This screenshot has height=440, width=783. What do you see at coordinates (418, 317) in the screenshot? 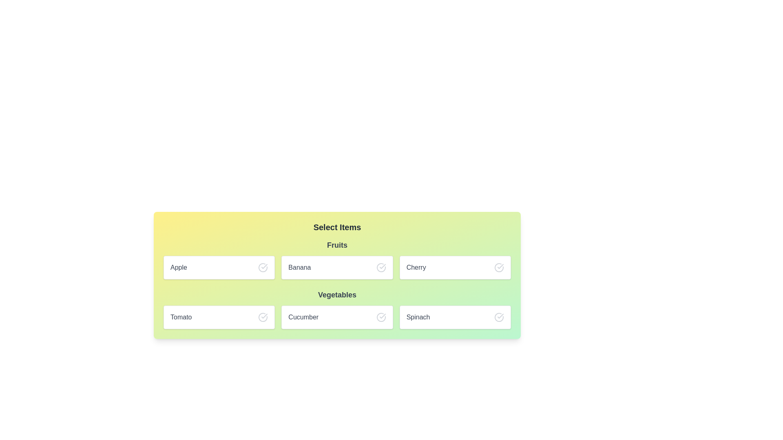
I see `the 'Spinach' text label in the bottom-right corner of the 'Vegetables' section` at bounding box center [418, 317].